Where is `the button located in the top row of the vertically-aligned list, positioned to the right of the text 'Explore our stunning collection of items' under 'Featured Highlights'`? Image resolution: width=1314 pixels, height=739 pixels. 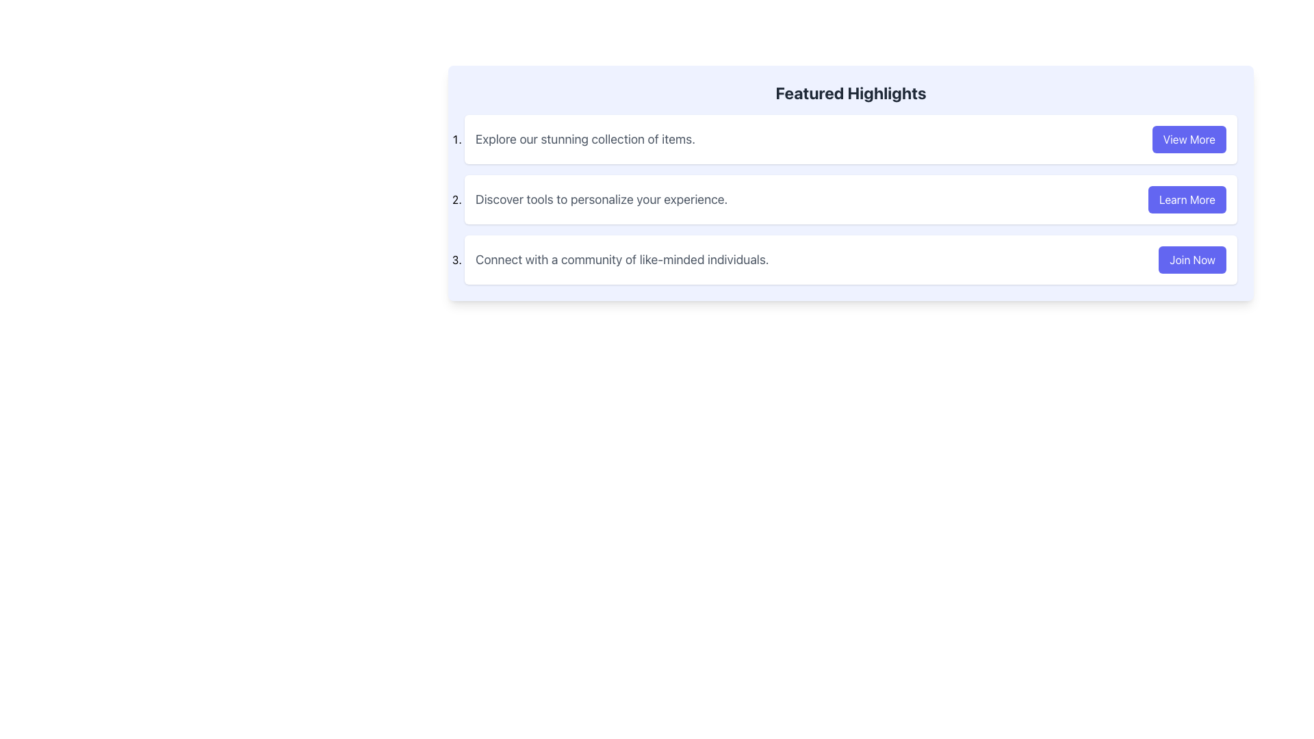
the button located in the top row of the vertically-aligned list, positioned to the right of the text 'Explore our stunning collection of items' under 'Featured Highlights' is located at coordinates (1188, 140).